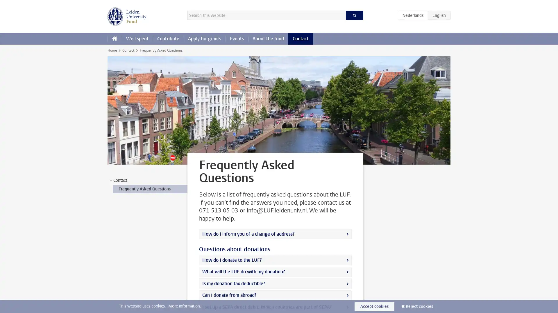 This screenshot has width=558, height=313. I want to click on >, so click(111, 180).